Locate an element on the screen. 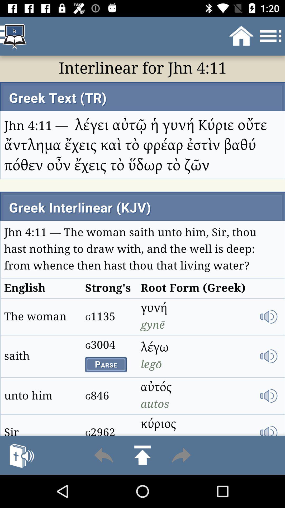 This screenshot has width=285, height=508. the reply icon is located at coordinates (104, 455).